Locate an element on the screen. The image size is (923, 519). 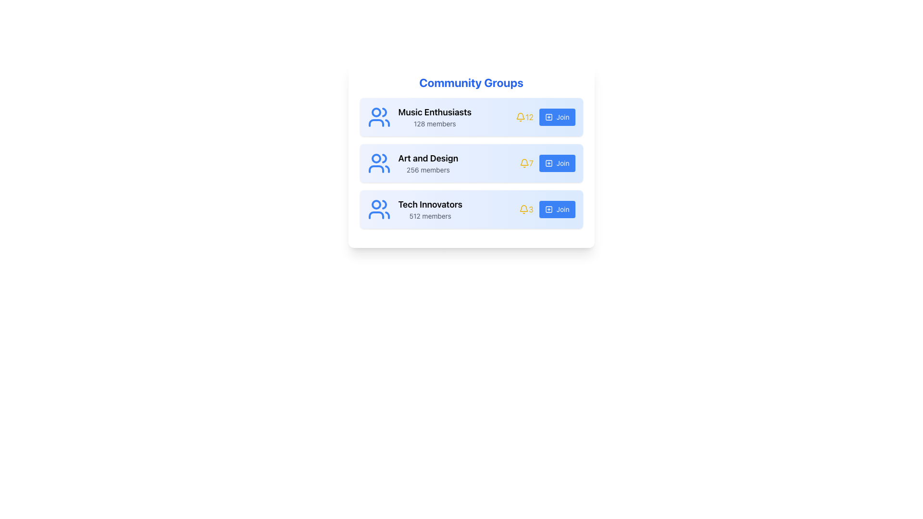
the 'Join Art and Design' button, which is the last element in the group row, positioned to the right of the bell icon and member count is located at coordinates (557, 162).